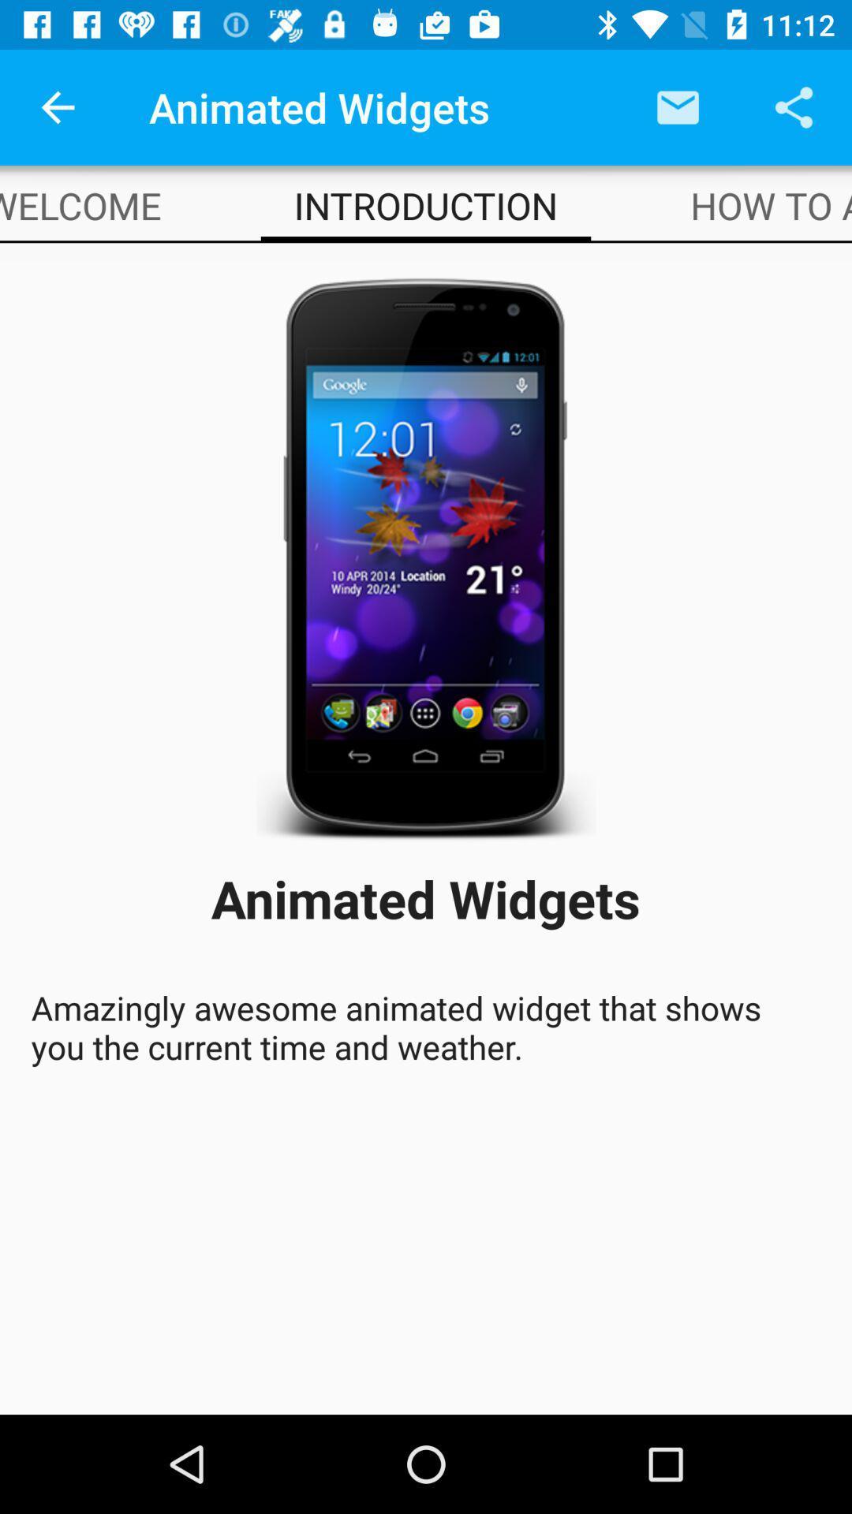 Image resolution: width=852 pixels, height=1514 pixels. Describe the element at coordinates (57, 106) in the screenshot. I see `the item to the left of animated widgets icon` at that location.